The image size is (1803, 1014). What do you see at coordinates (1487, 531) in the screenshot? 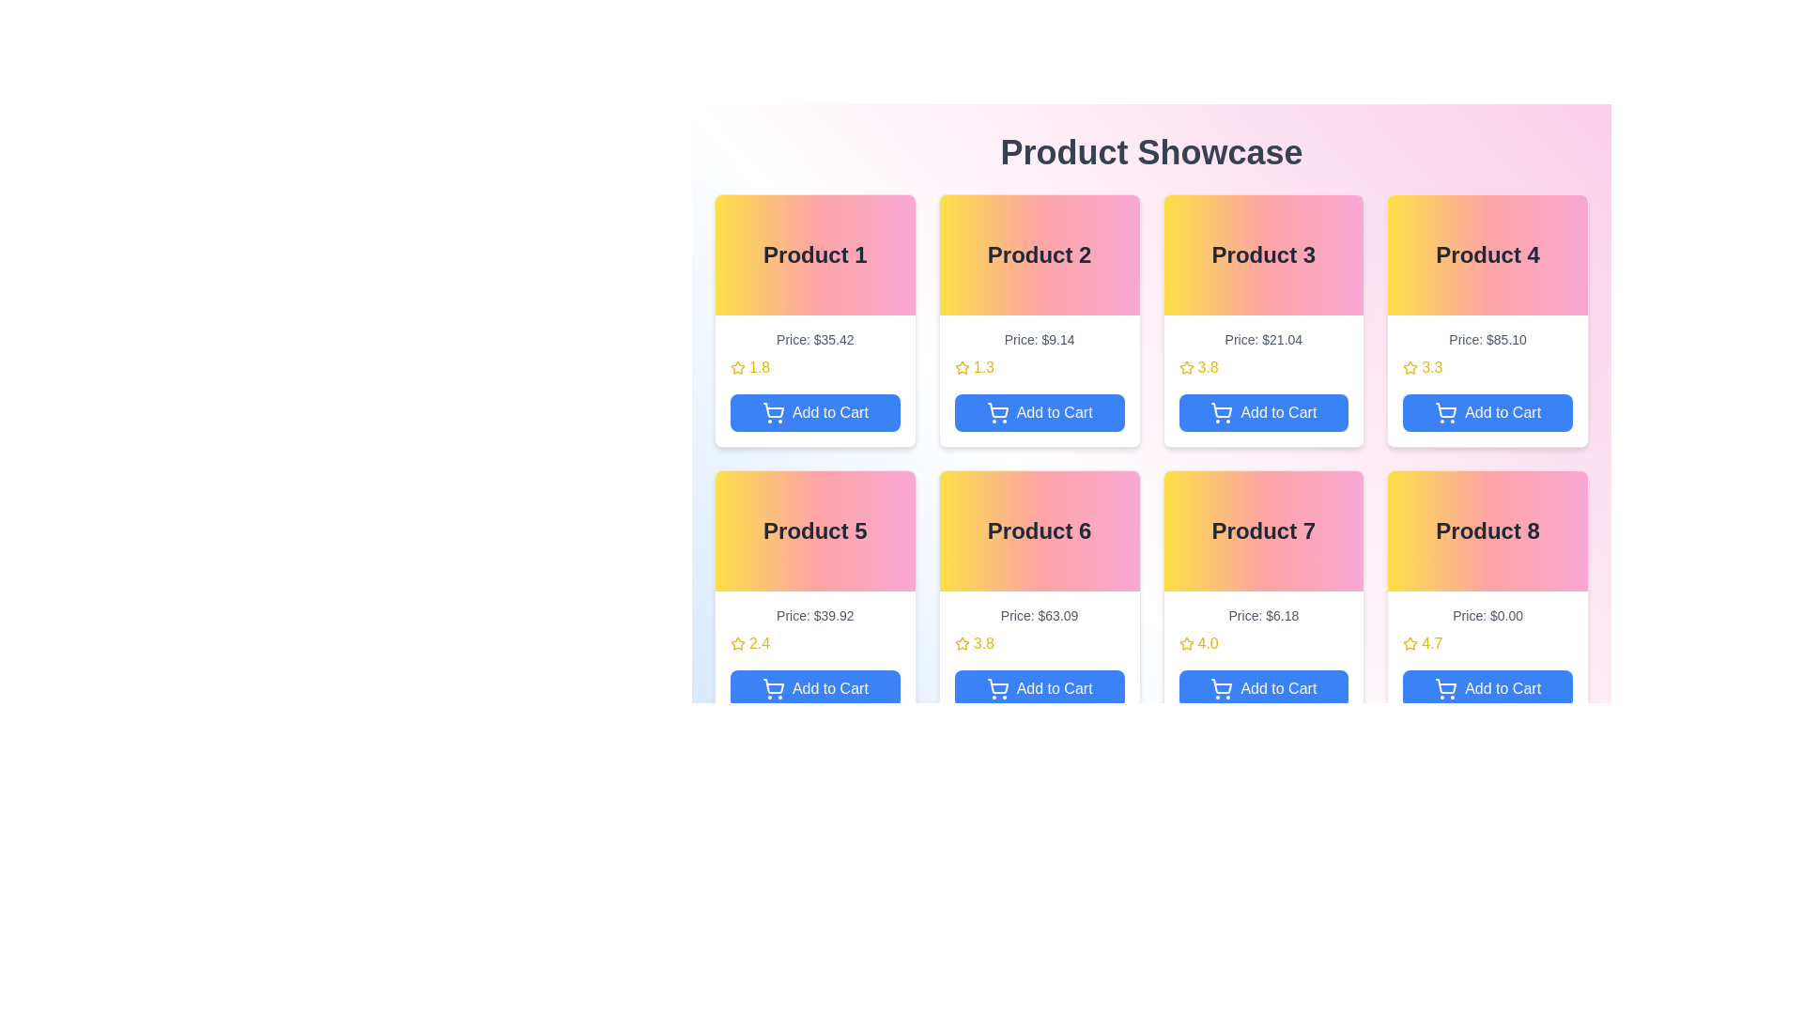
I see `the label with a gradient background from yellow to pink, containing the text 'Product 8' in large, bold, dark-gray font, located in the bottom-right corner of the product cards grid` at bounding box center [1487, 531].